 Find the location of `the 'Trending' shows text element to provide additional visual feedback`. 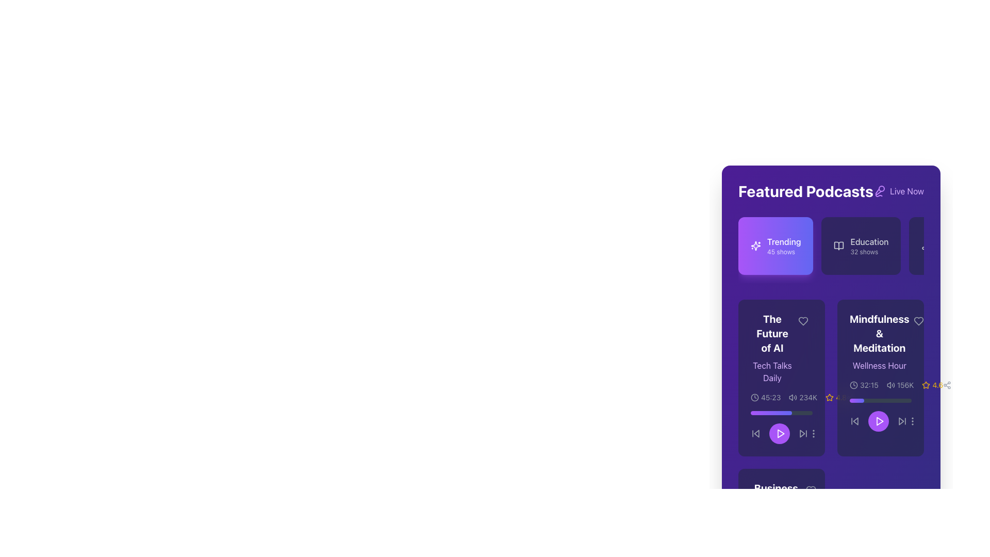

the 'Trending' shows text element to provide additional visual feedback is located at coordinates (784, 246).